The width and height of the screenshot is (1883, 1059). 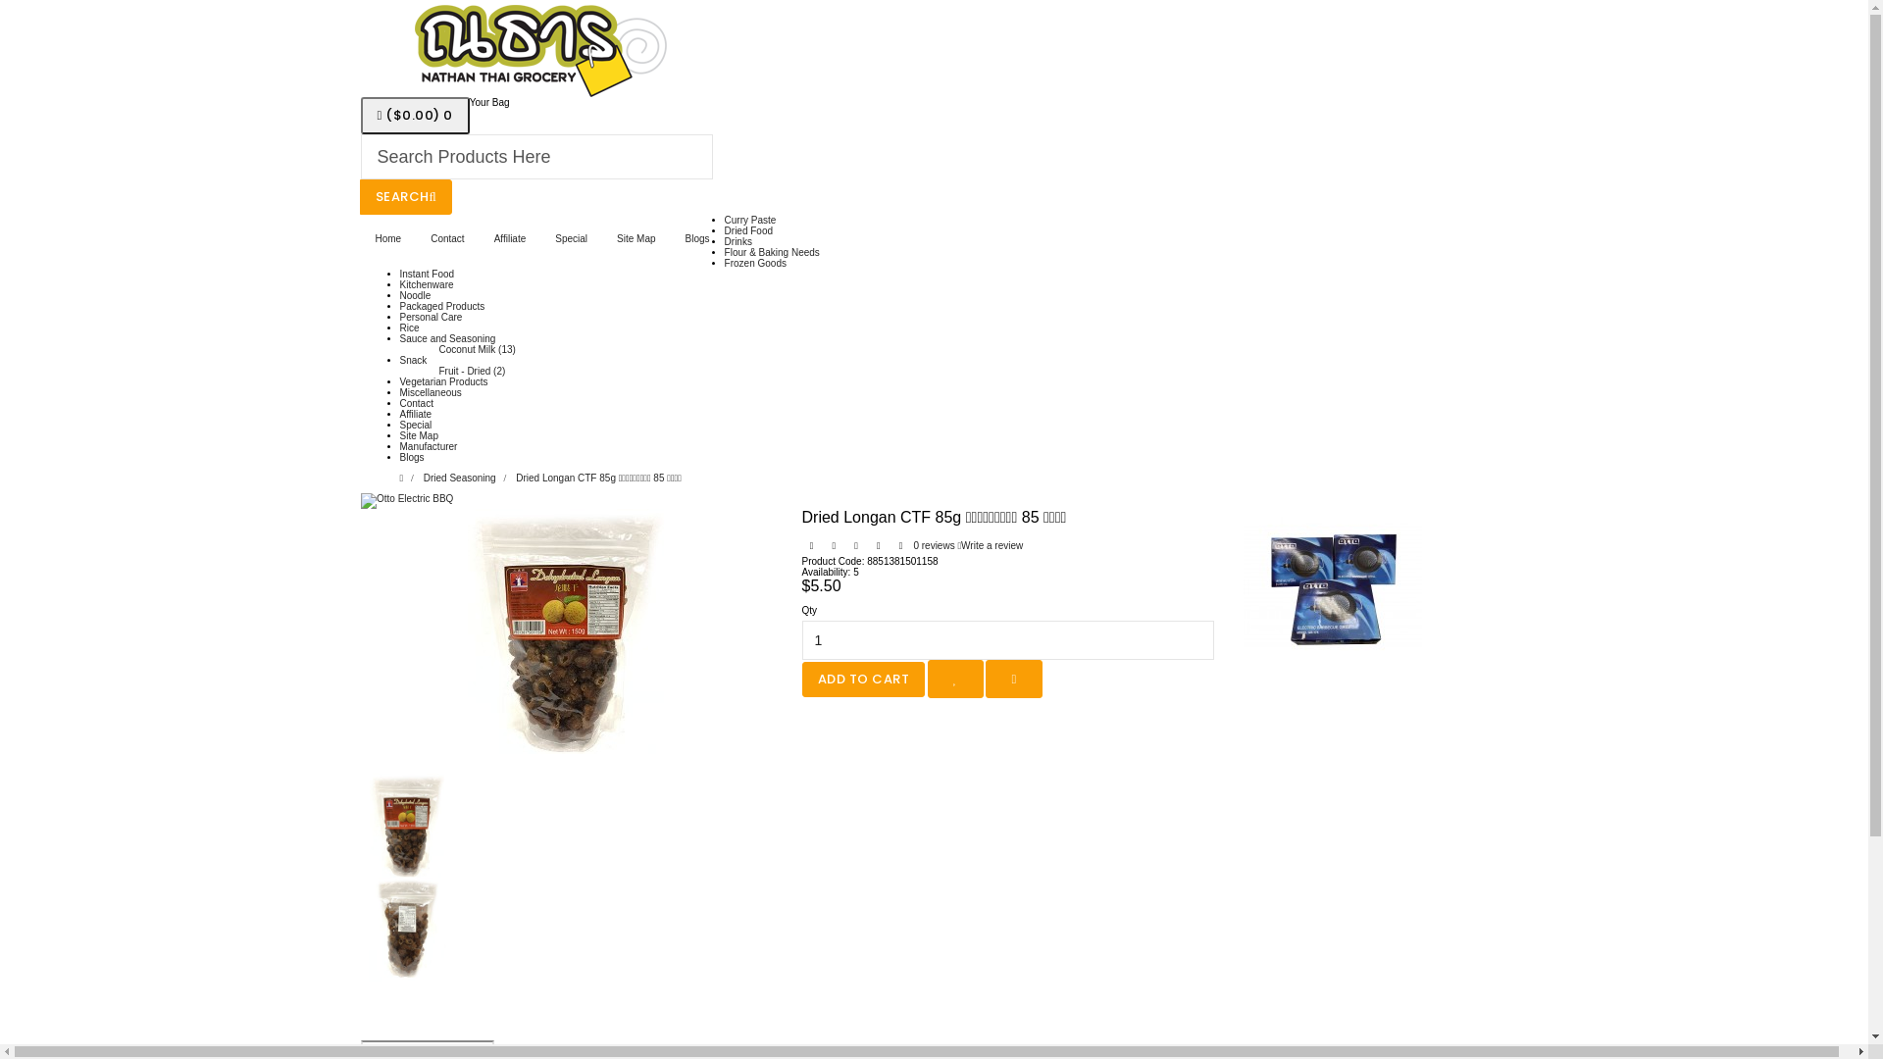 What do you see at coordinates (408, 327) in the screenshot?
I see `'Rice'` at bounding box center [408, 327].